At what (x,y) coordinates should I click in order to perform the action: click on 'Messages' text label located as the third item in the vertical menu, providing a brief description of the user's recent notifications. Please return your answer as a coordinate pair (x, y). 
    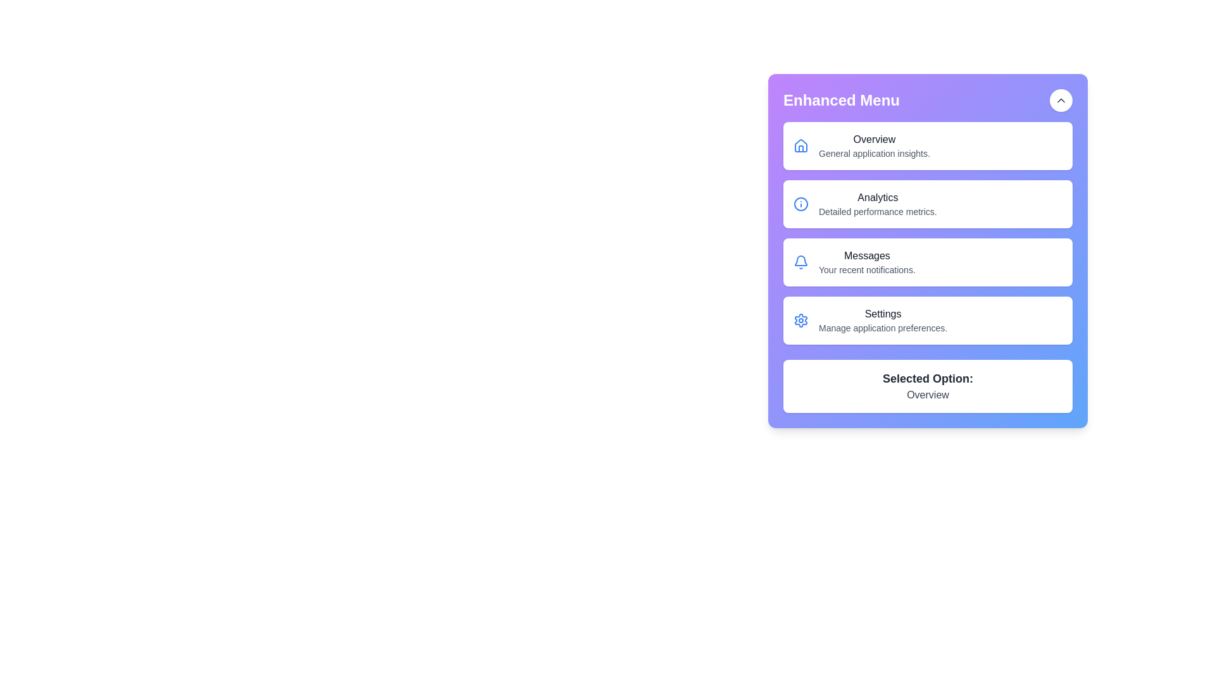
    Looking at the image, I should click on (866, 262).